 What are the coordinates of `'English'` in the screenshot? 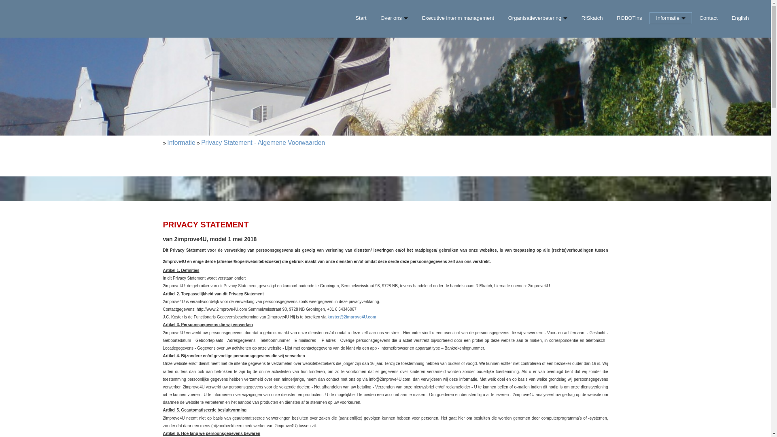 It's located at (740, 18).